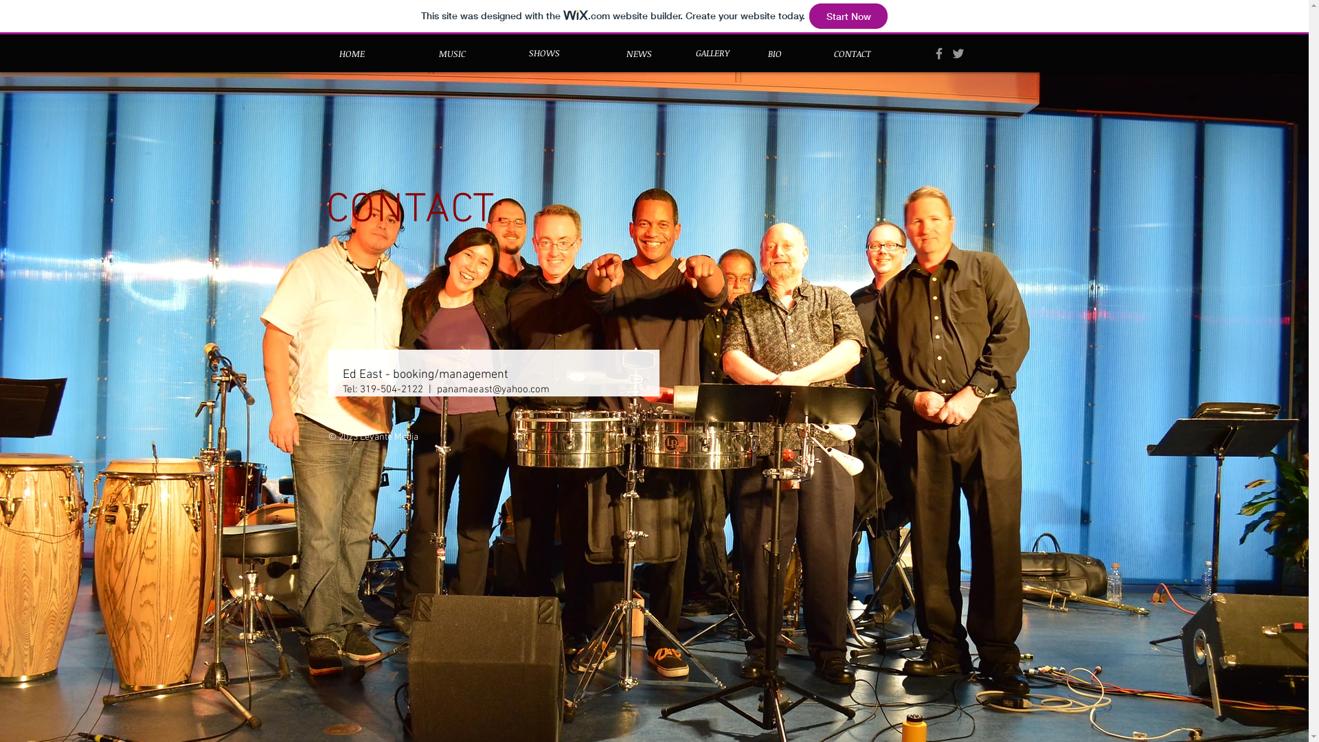 The width and height of the screenshot is (1319, 742). What do you see at coordinates (543, 52) in the screenshot?
I see `'SHOWS'` at bounding box center [543, 52].